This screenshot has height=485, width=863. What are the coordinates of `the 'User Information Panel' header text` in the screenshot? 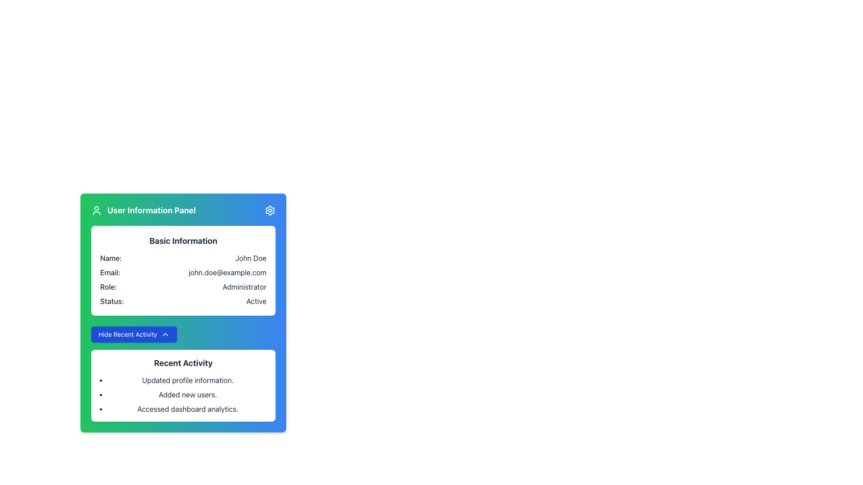 It's located at (183, 211).